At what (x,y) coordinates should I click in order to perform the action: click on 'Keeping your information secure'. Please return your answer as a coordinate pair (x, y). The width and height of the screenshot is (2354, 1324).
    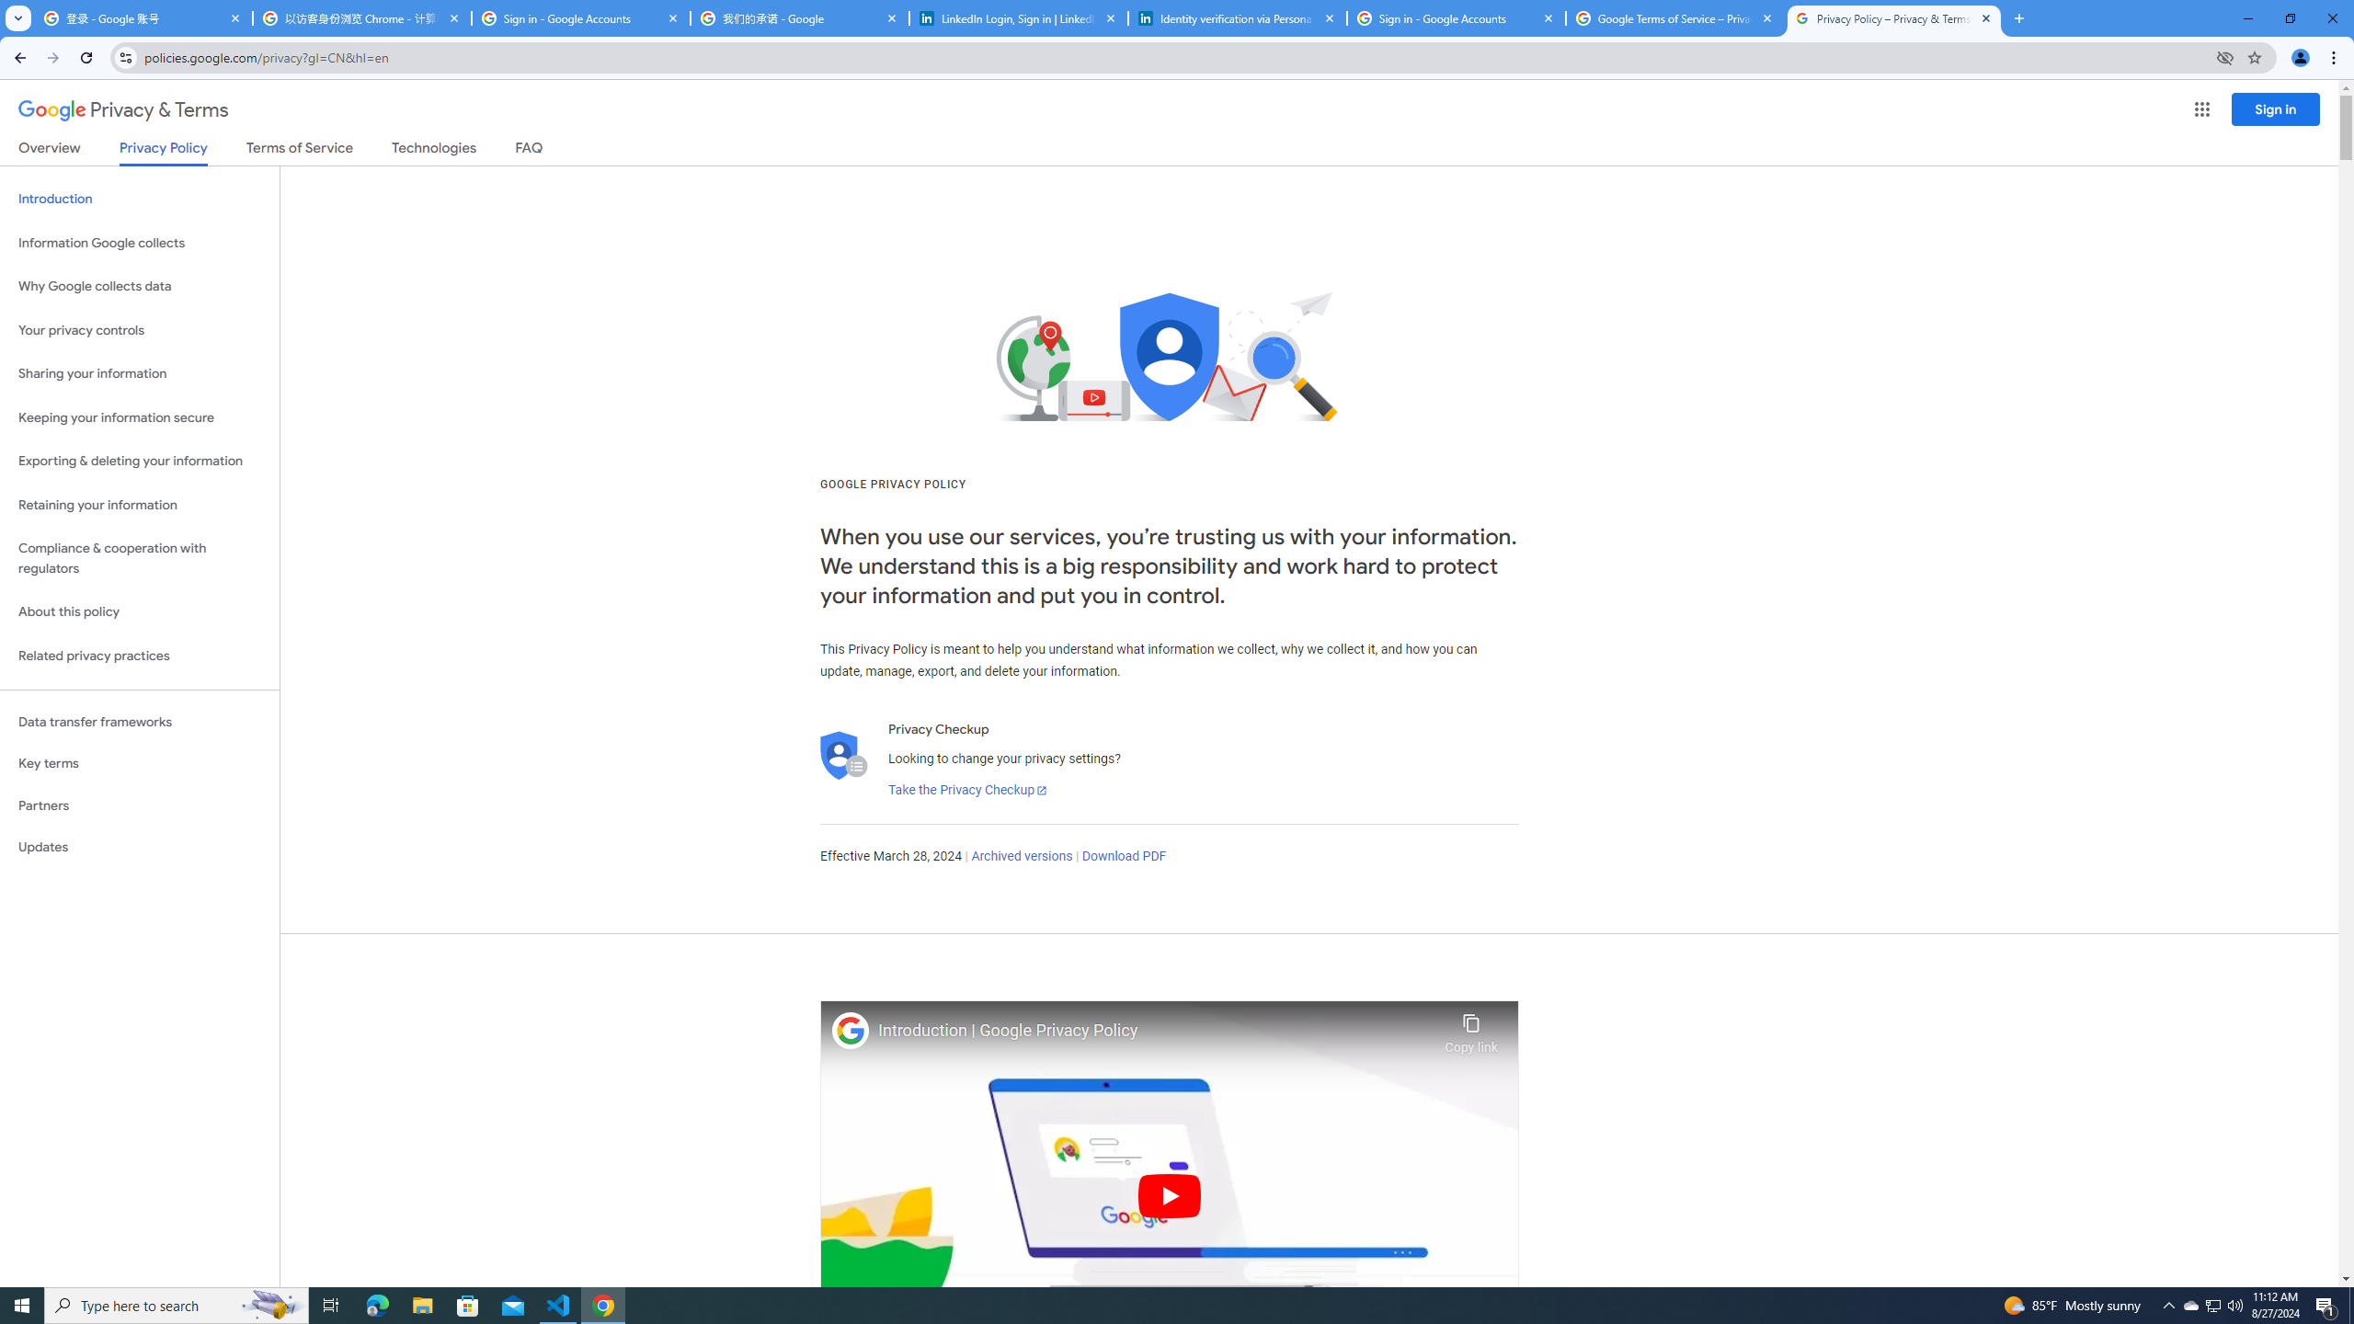
    Looking at the image, I should click on (139, 418).